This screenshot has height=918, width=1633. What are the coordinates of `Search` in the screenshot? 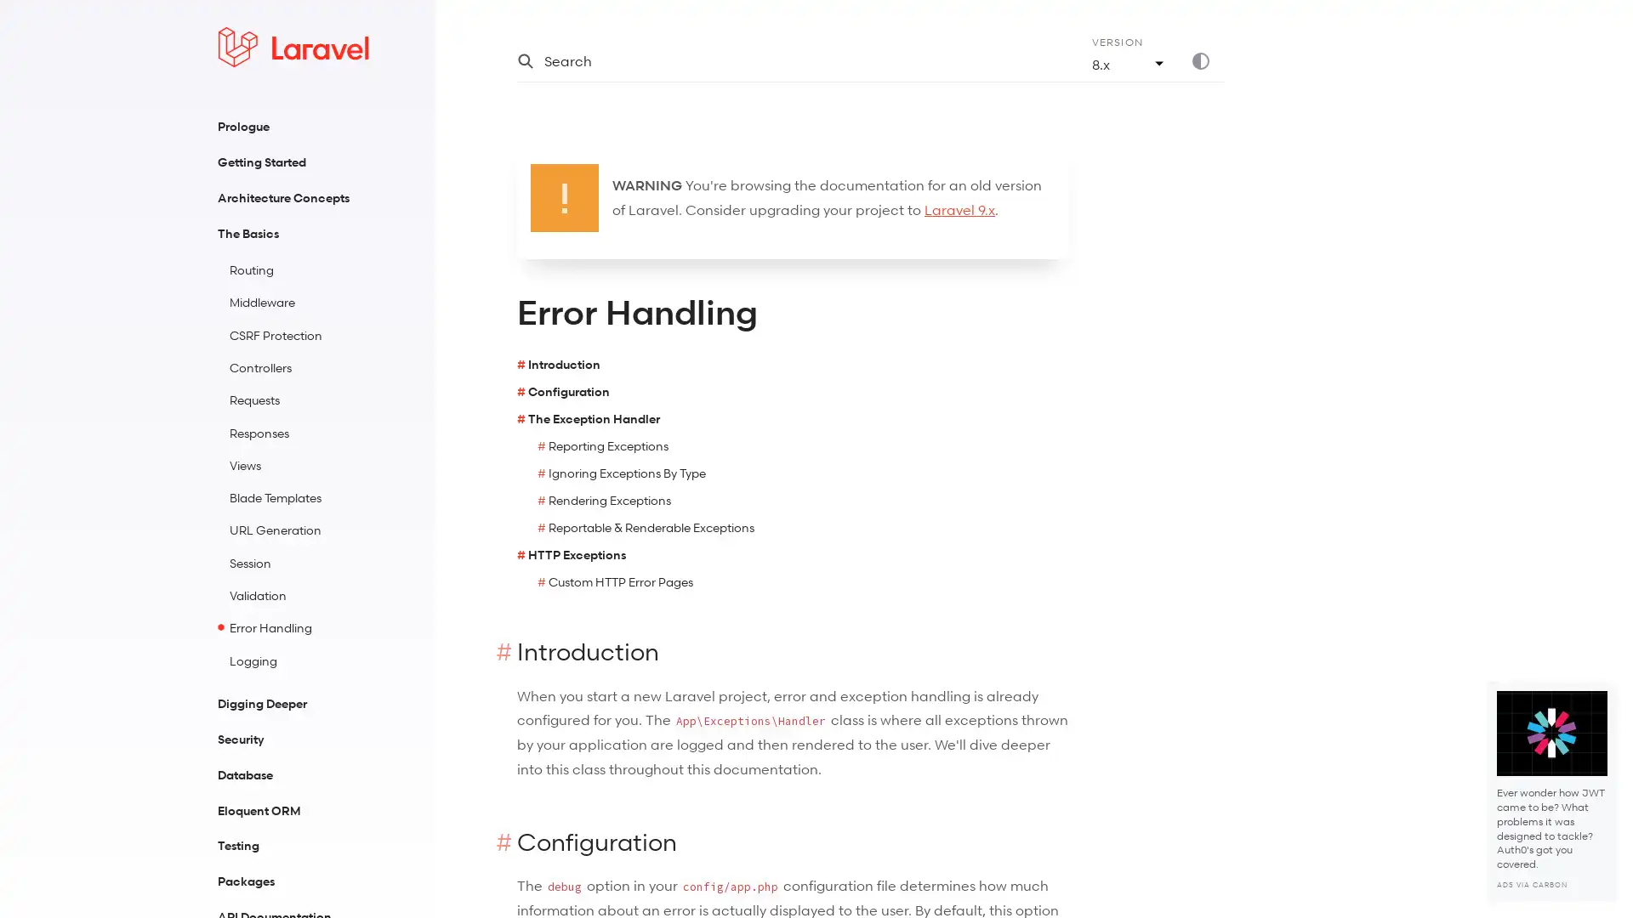 It's located at (782, 60).